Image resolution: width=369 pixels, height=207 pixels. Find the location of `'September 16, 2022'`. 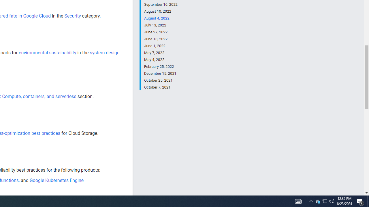

'September 16, 2022' is located at coordinates (161, 5).